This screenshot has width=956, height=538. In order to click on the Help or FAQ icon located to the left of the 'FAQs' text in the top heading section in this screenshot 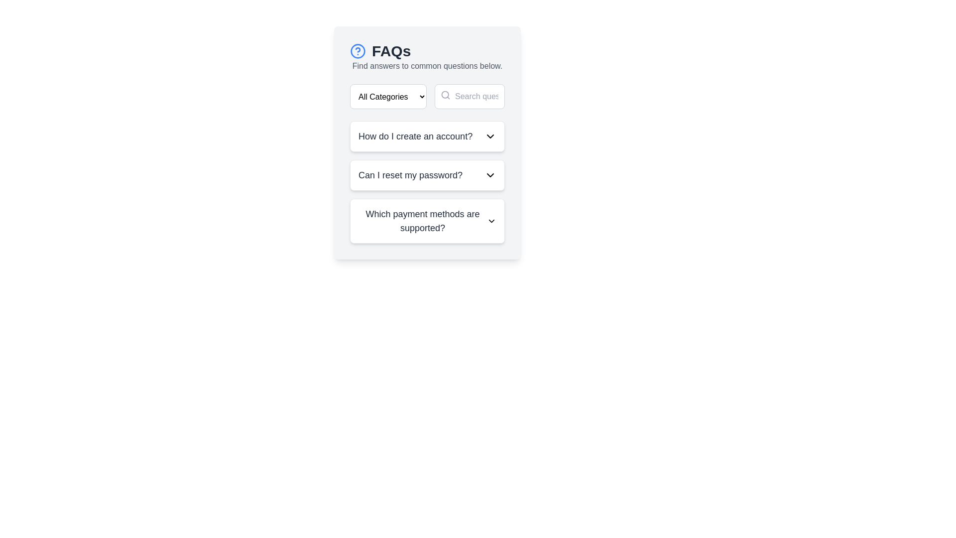, I will do `click(358, 51)`.